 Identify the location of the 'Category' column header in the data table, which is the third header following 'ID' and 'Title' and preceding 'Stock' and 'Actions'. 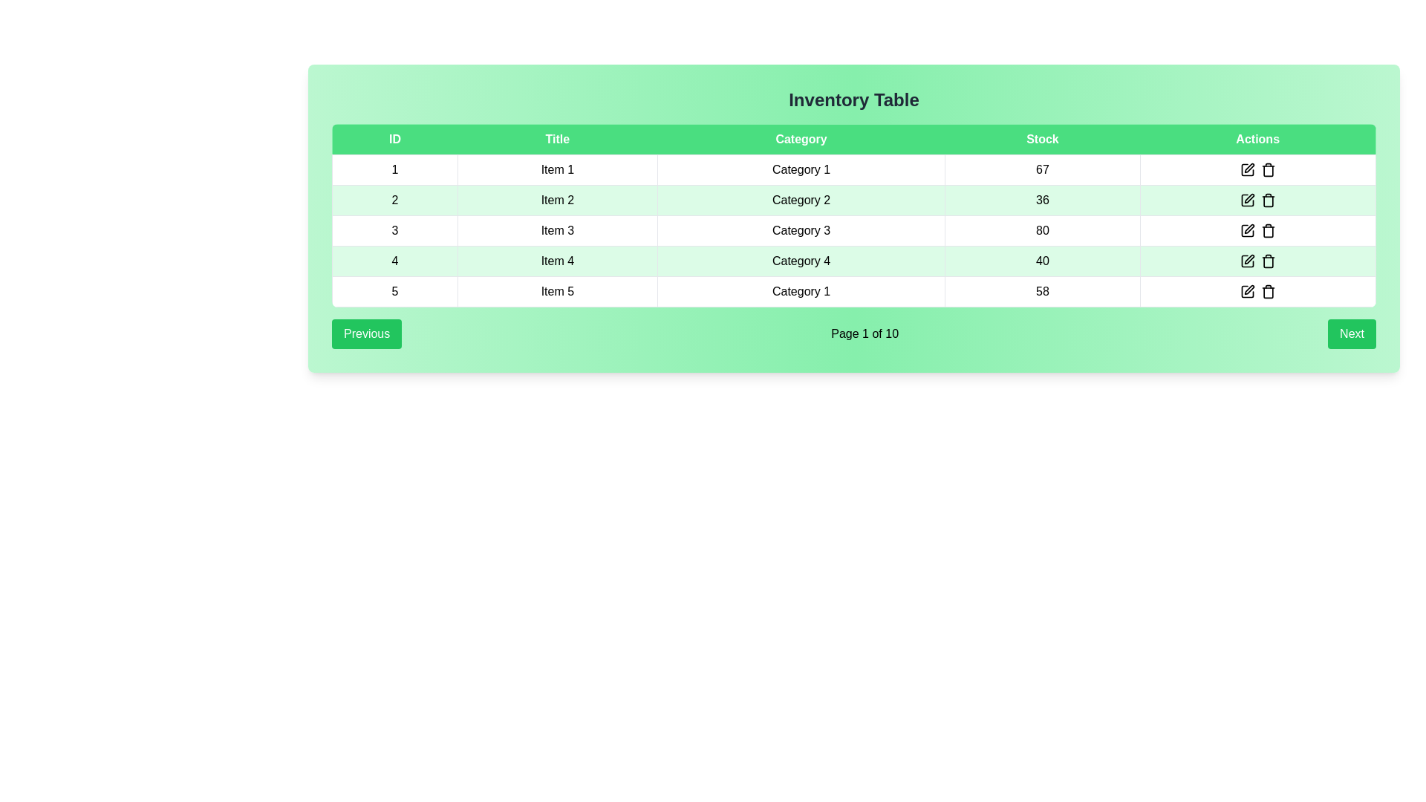
(801, 140).